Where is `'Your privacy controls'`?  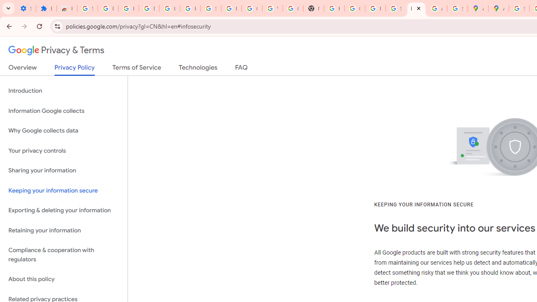
'Your privacy controls' is located at coordinates (63, 150).